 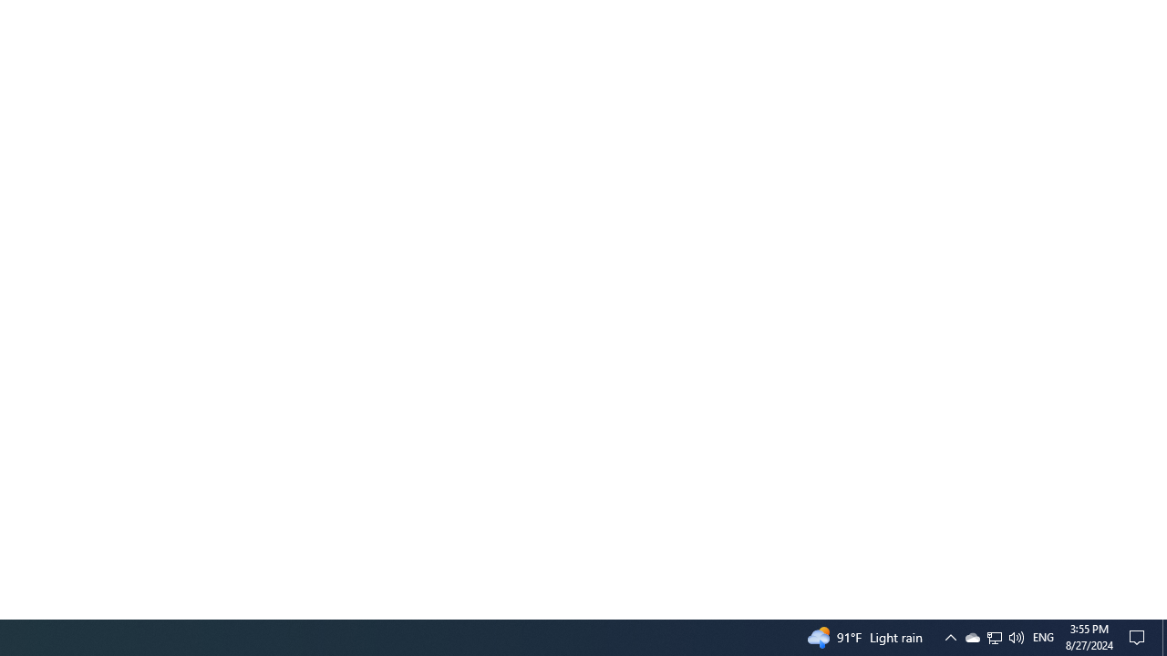 I want to click on 'Tray Input Indicator - English (United States)', so click(x=1043, y=636).